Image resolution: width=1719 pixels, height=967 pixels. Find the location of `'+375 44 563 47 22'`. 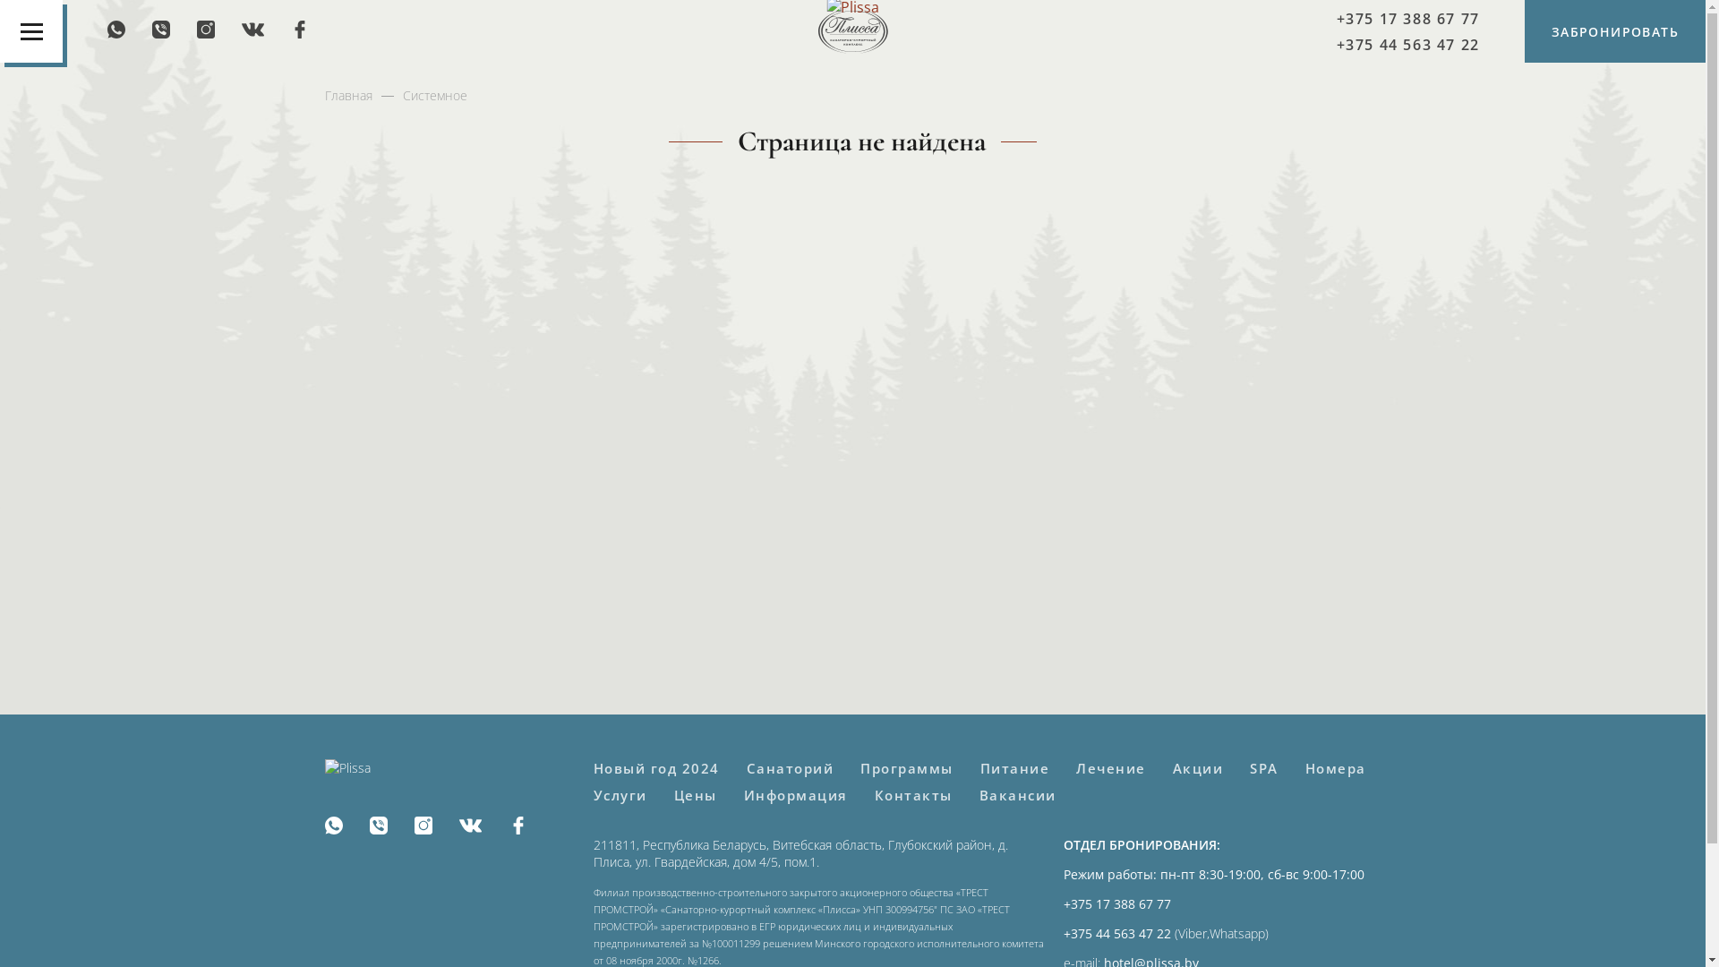

'+375 44 563 47 22' is located at coordinates (1407, 43).